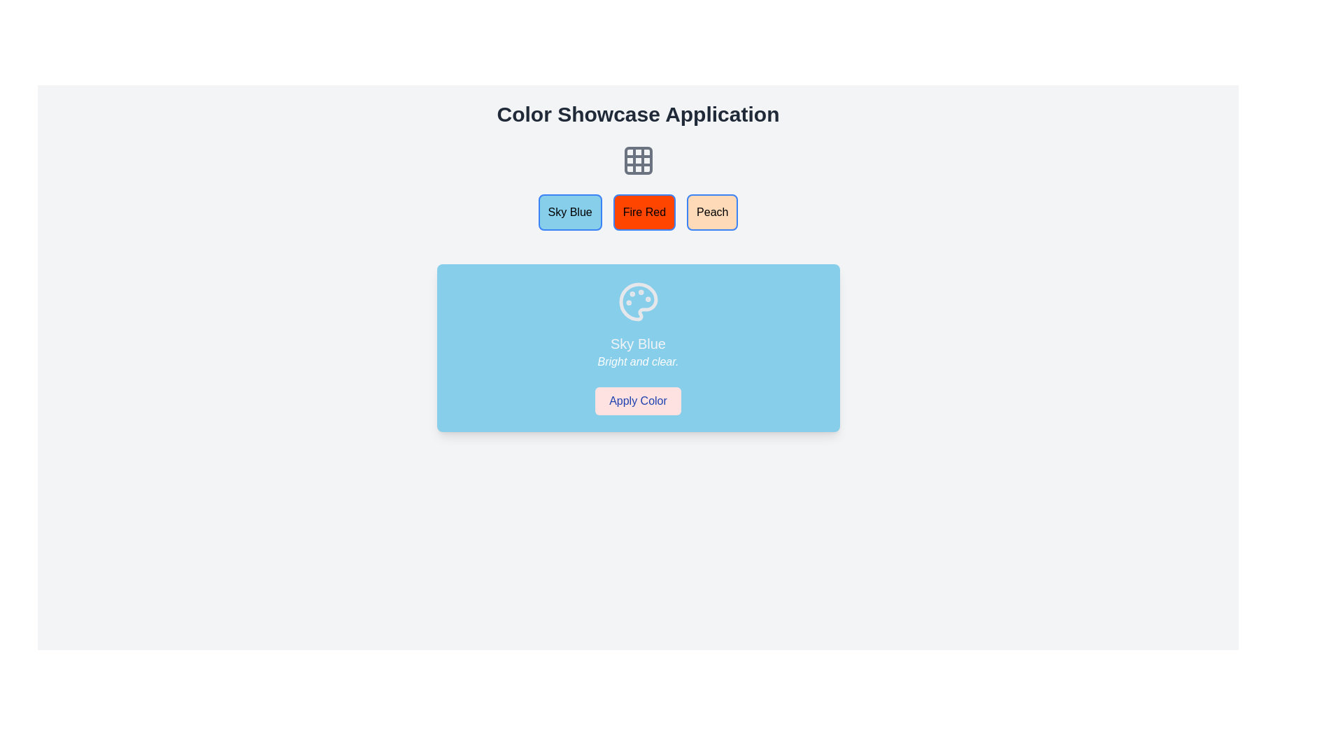  What do you see at coordinates (637, 114) in the screenshot?
I see `the TextLabel element at the top of the application, which serves as the title and branding for the interface` at bounding box center [637, 114].